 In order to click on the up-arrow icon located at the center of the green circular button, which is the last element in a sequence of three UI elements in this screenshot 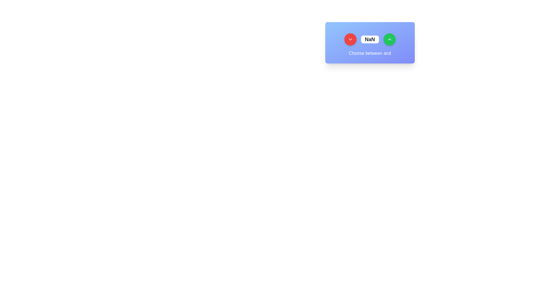, I will do `click(389, 39)`.